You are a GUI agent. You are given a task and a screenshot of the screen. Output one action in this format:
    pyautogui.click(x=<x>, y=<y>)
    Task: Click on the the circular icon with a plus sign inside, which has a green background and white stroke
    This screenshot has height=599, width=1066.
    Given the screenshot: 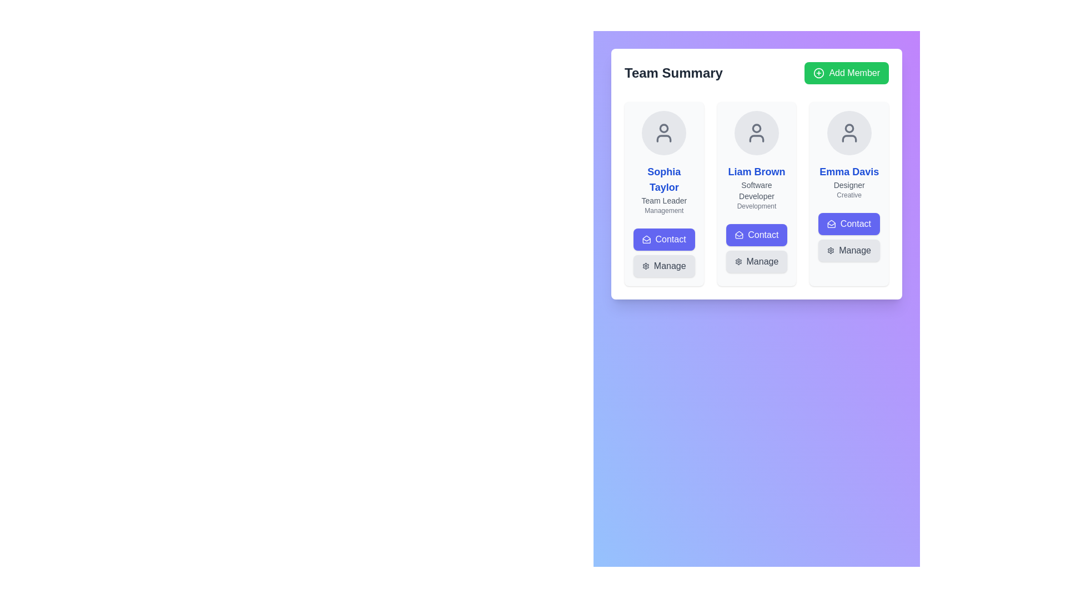 What is the action you would take?
    pyautogui.click(x=819, y=73)
    